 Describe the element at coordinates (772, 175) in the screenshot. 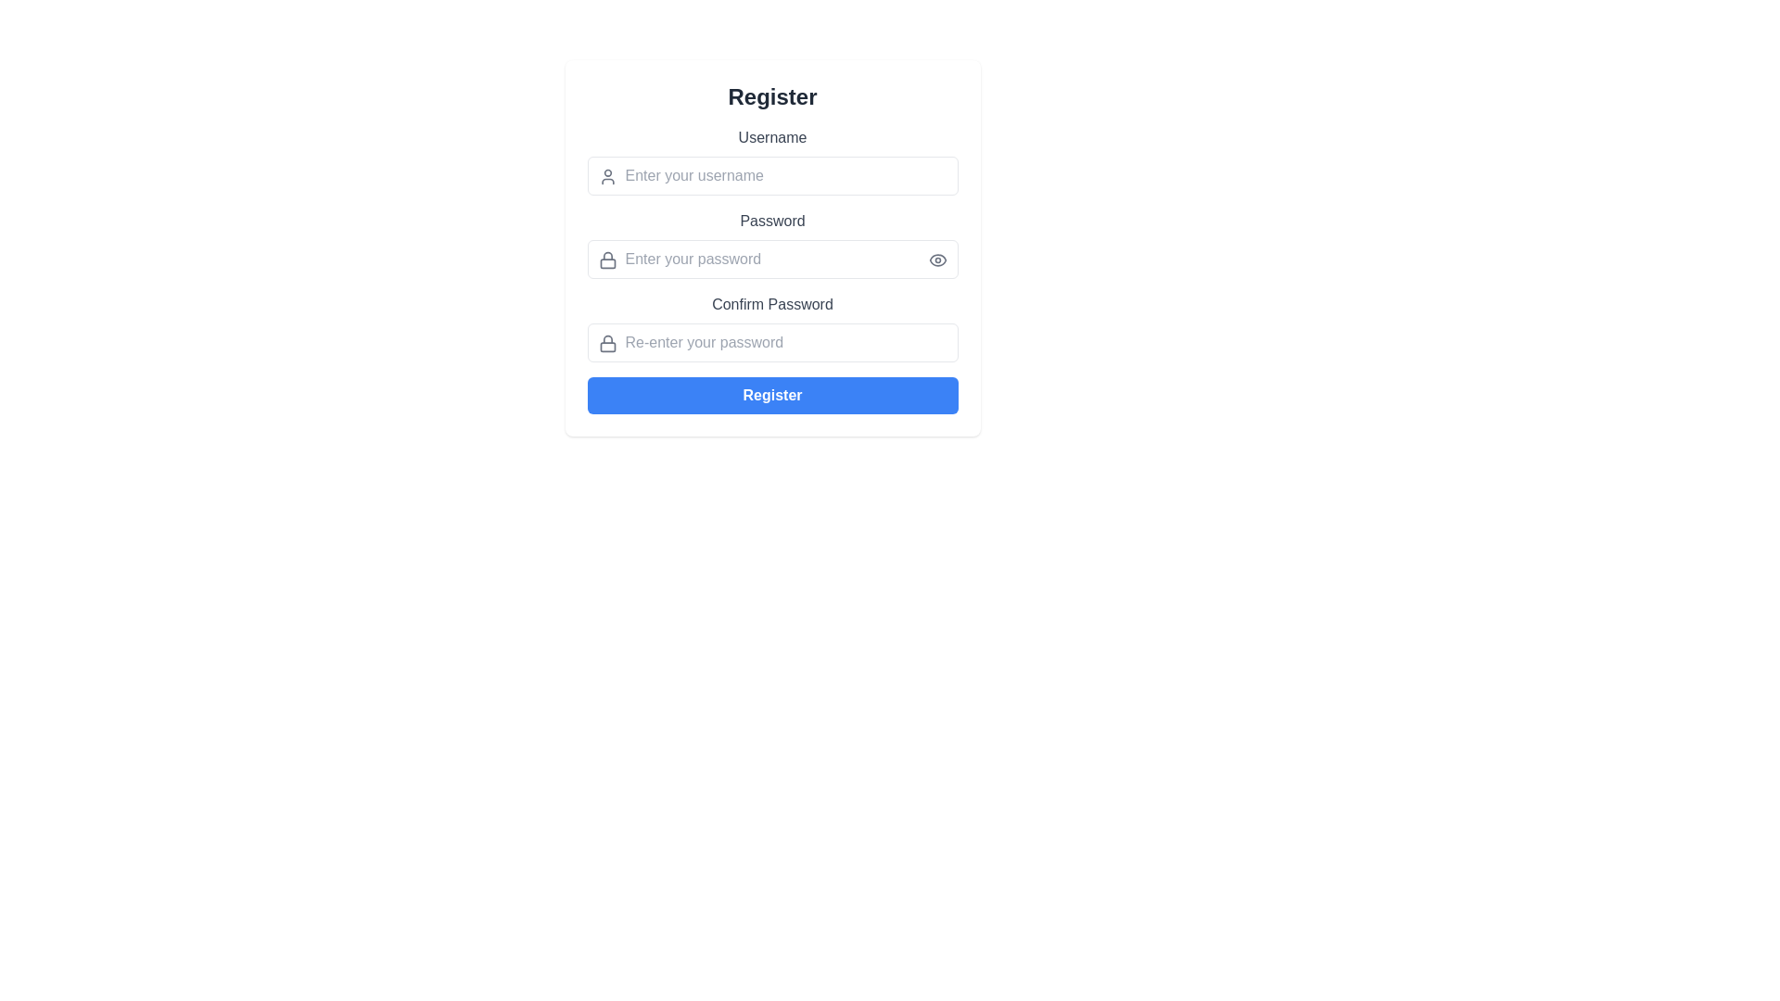

I see `the text input field for entering a username by using the tab key` at that location.